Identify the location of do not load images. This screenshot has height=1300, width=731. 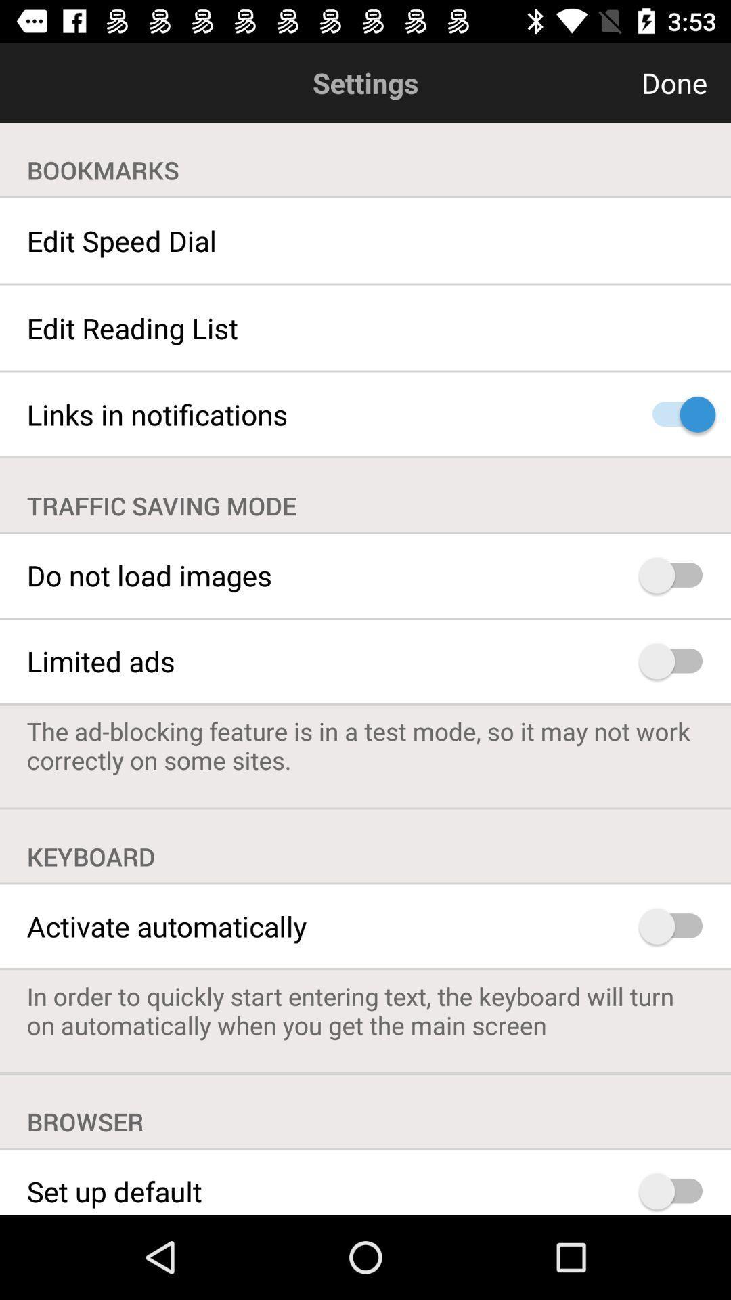
(677, 576).